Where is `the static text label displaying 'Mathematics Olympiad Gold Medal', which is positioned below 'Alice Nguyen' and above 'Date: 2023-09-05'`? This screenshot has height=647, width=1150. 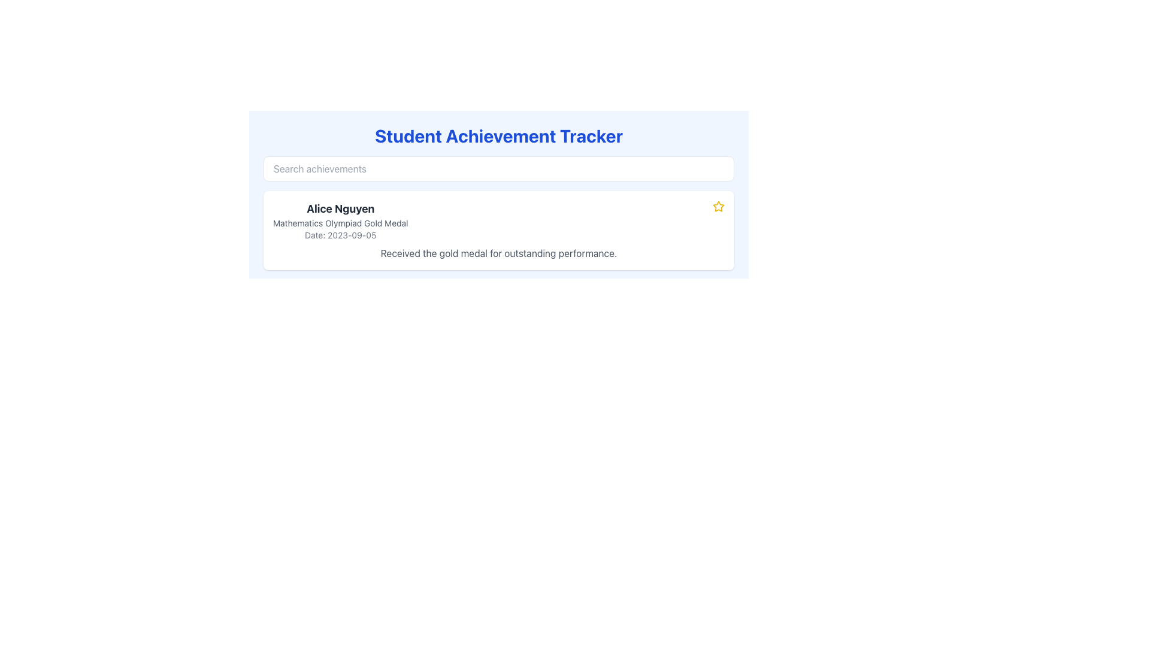 the static text label displaying 'Mathematics Olympiad Gold Medal', which is positioned below 'Alice Nguyen' and above 'Date: 2023-09-05' is located at coordinates (340, 223).